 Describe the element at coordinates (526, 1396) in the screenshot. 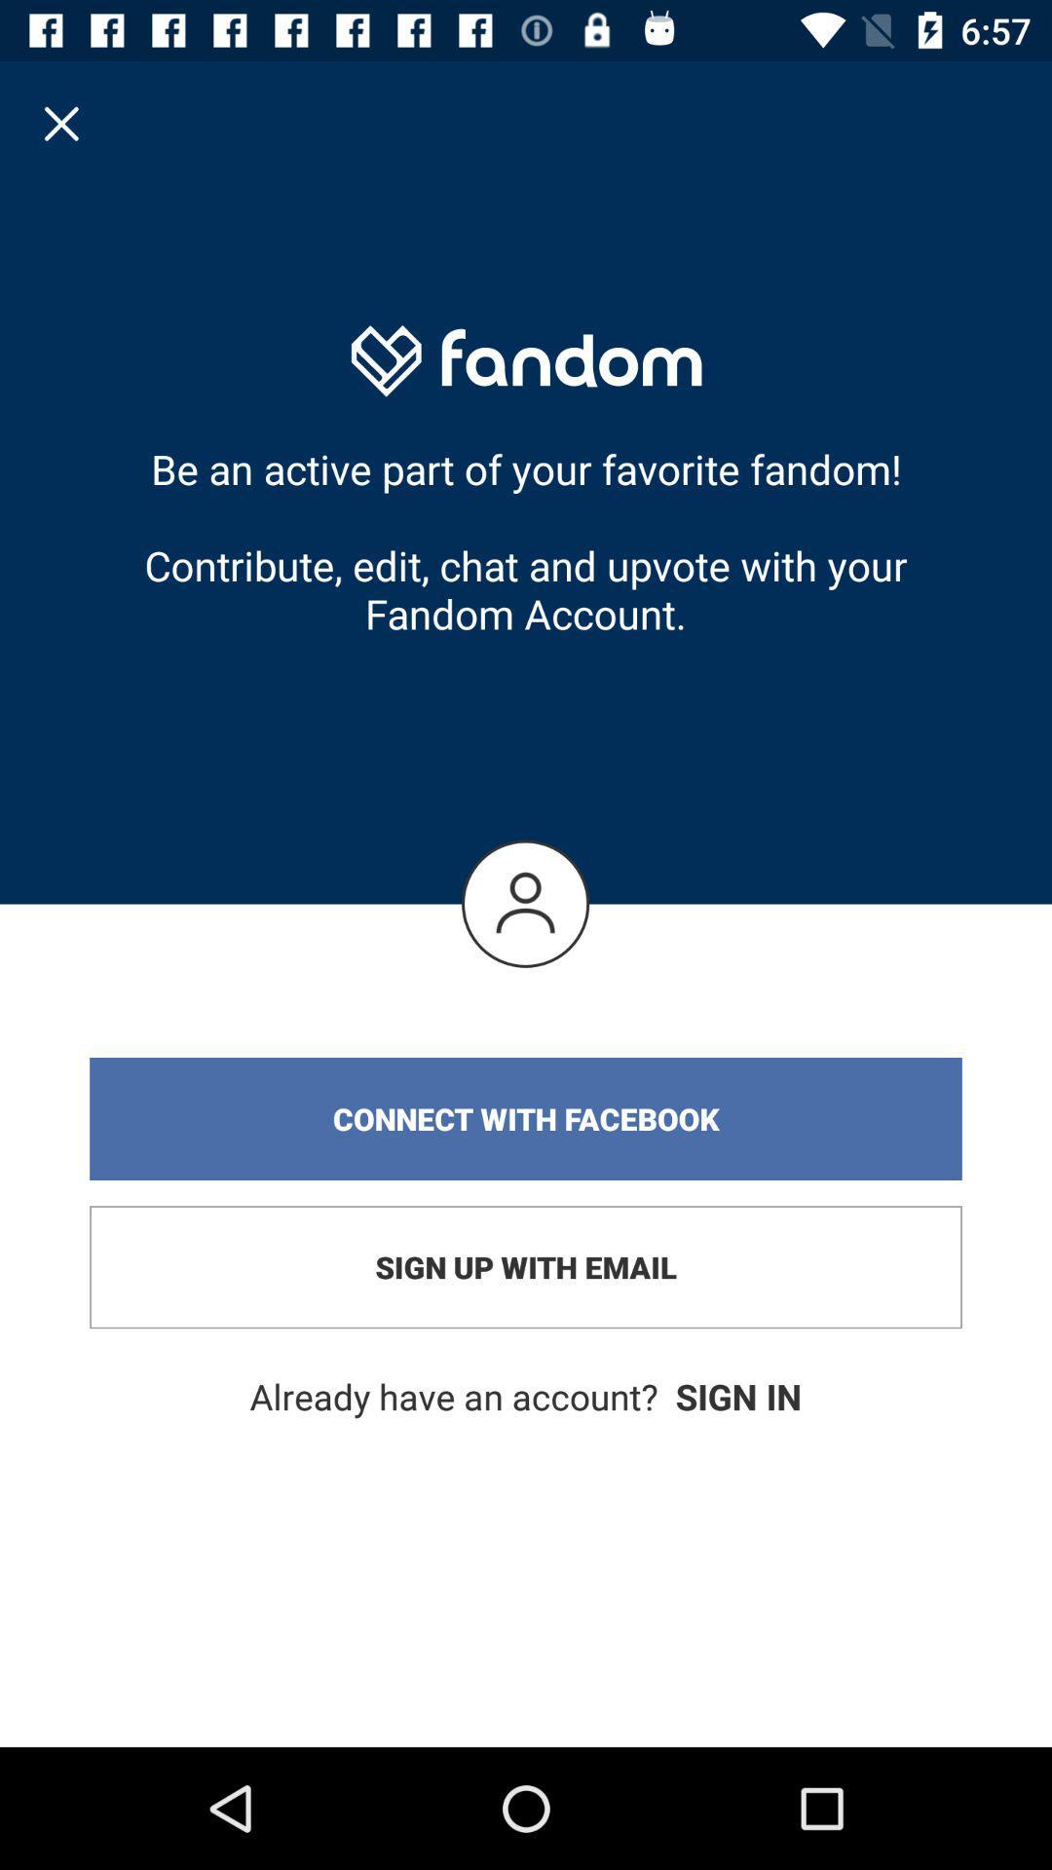

I see `icon below the sign up with icon` at that location.